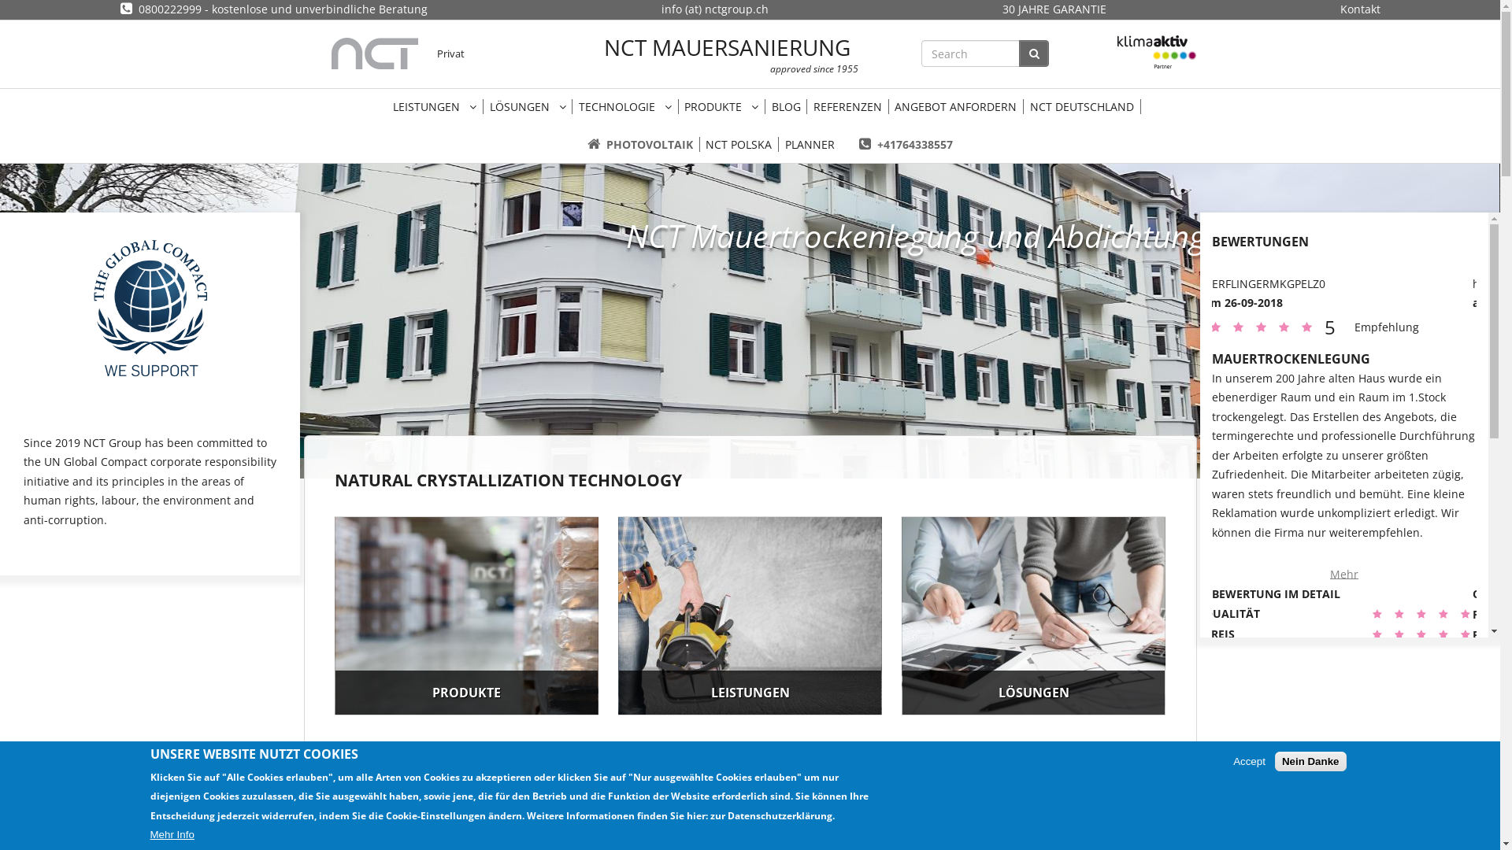  I want to click on 'Privat', so click(449, 53).